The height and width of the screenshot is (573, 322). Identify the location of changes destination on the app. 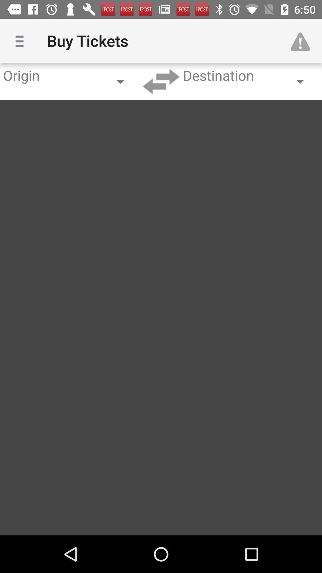
(161, 81).